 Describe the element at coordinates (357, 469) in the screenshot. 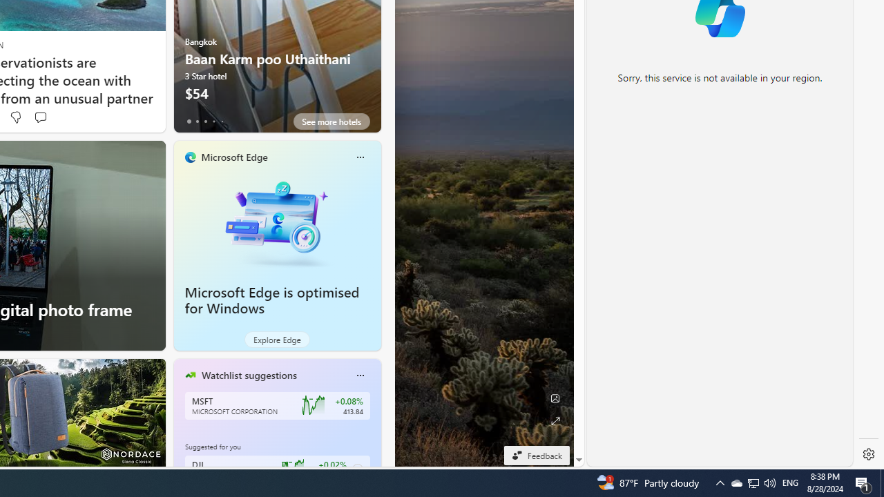

I see `'Class: follow-button  m'` at that location.